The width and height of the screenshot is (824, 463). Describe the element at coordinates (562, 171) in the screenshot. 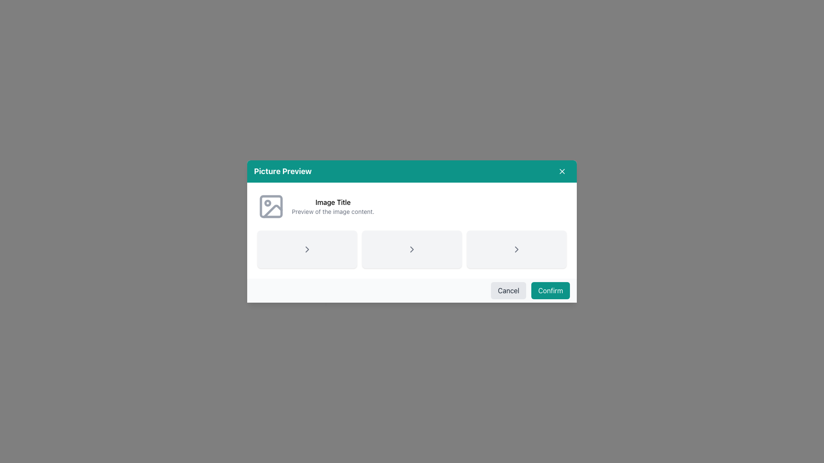

I see `the circular button with a teal background and a white 'X' icon located at the top-right corner of the modal header, next to the title text 'Picture Preview'` at that location.